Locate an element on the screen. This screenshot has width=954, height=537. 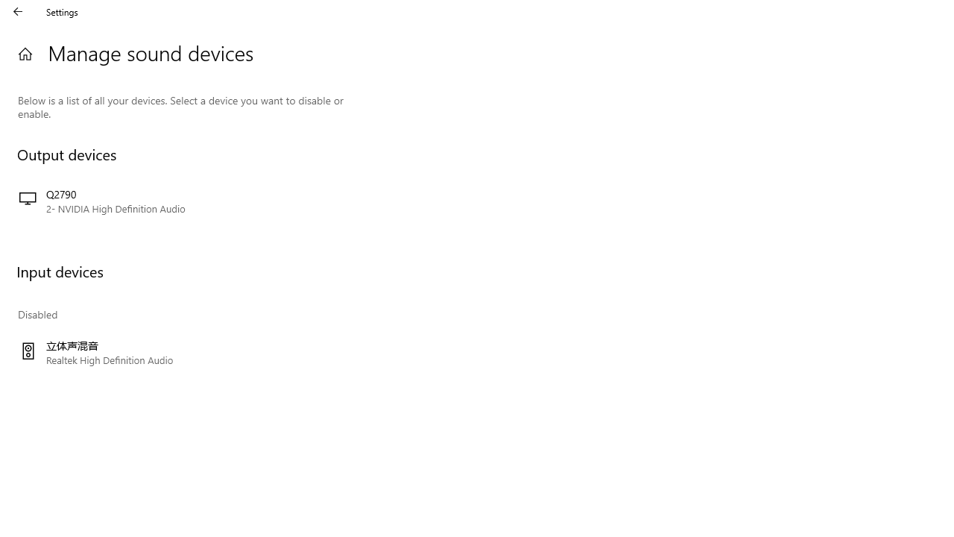
'Home' is located at coordinates (25, 53).